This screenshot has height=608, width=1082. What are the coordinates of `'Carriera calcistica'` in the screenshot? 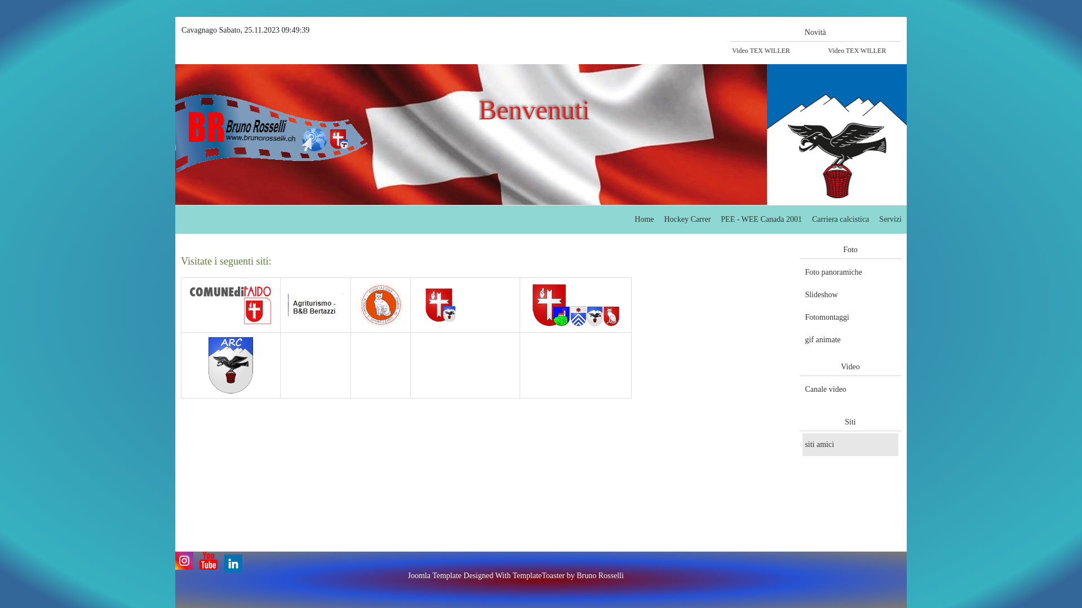 It's located at (809, 219).